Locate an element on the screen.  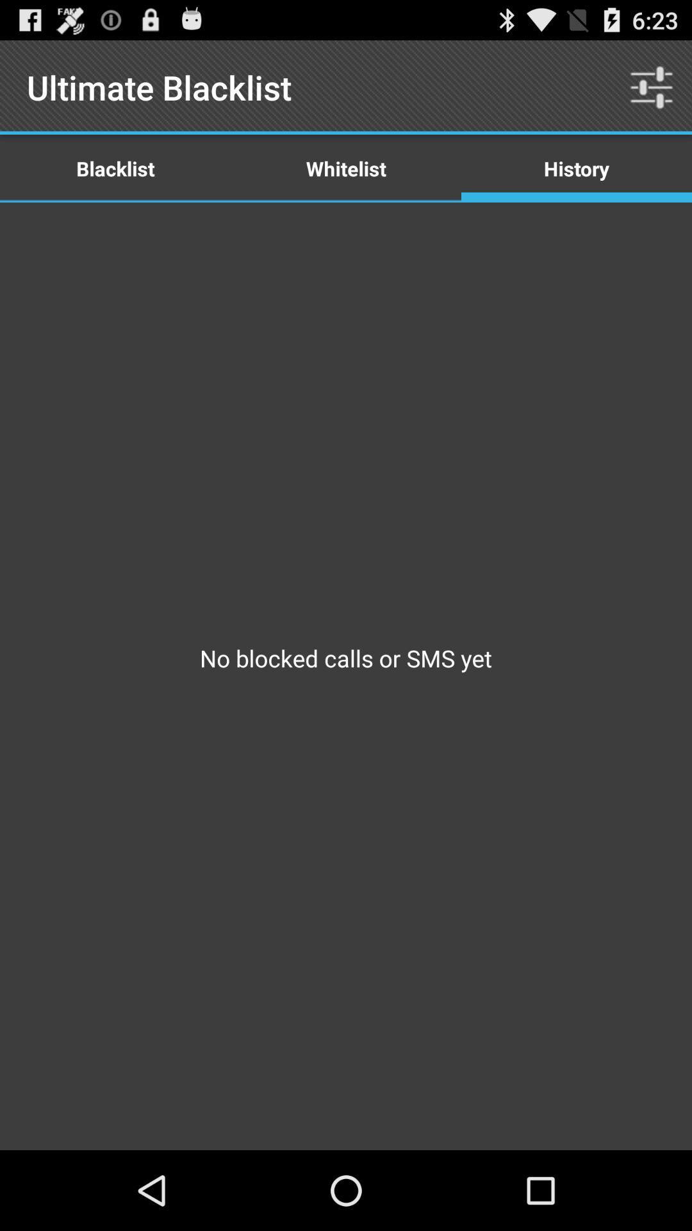
item to the left of the history is located at coordinates (346, 167).